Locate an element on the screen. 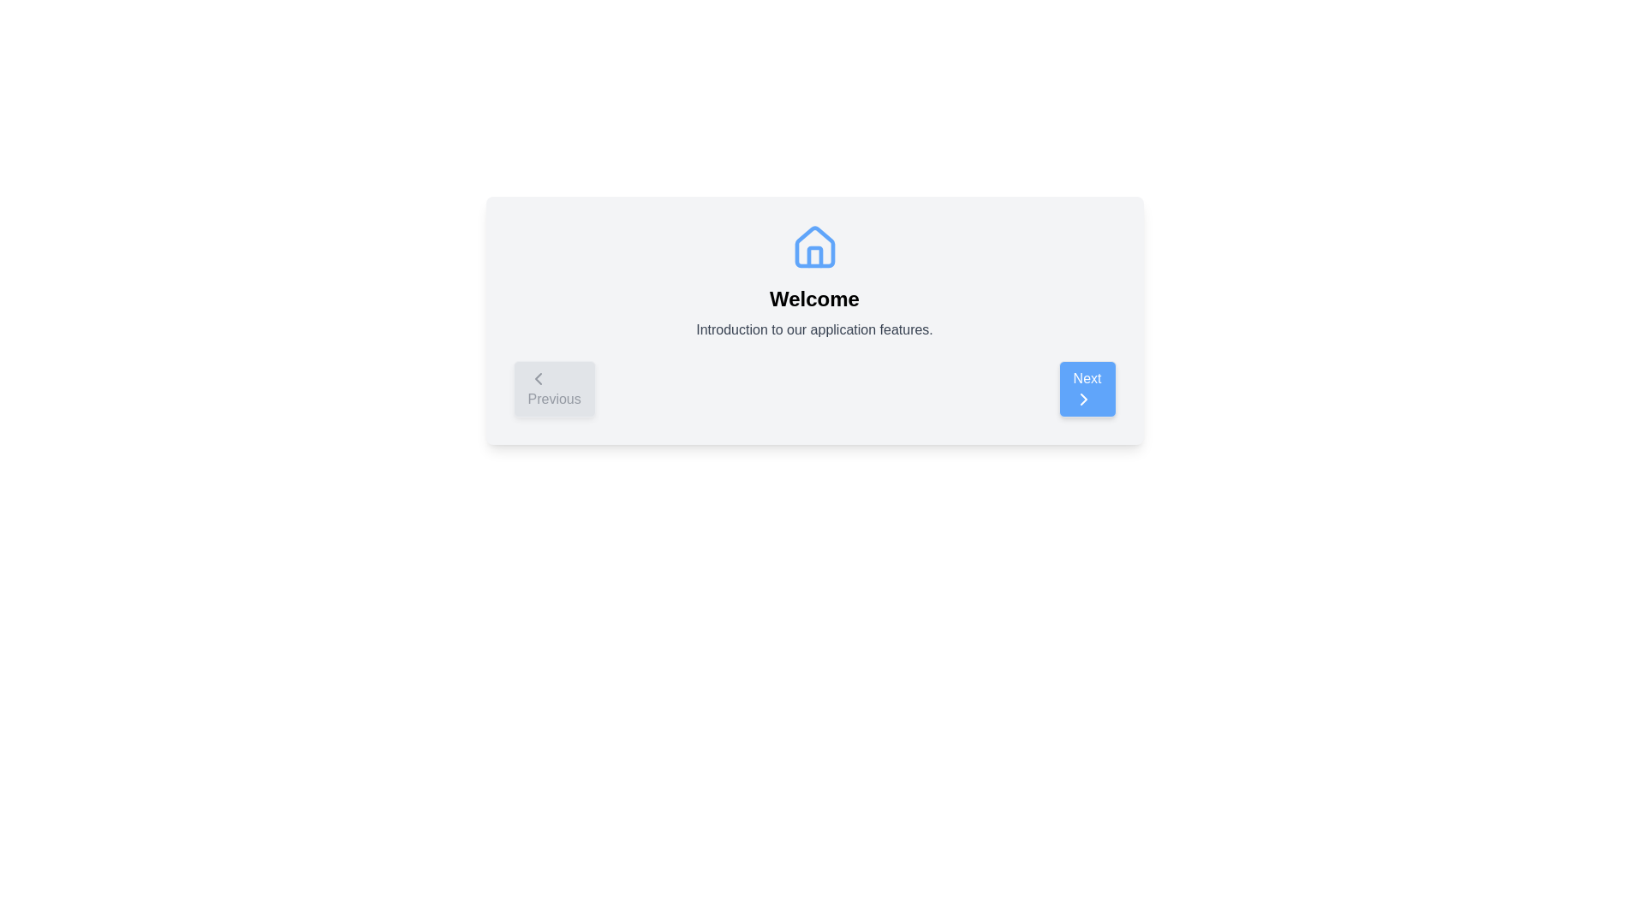 This screenshot has width=1644, height=924. the chevron icon located inside the 'Next' button at the bottom-right corner of the interface is located at coordinates (1082, 399).